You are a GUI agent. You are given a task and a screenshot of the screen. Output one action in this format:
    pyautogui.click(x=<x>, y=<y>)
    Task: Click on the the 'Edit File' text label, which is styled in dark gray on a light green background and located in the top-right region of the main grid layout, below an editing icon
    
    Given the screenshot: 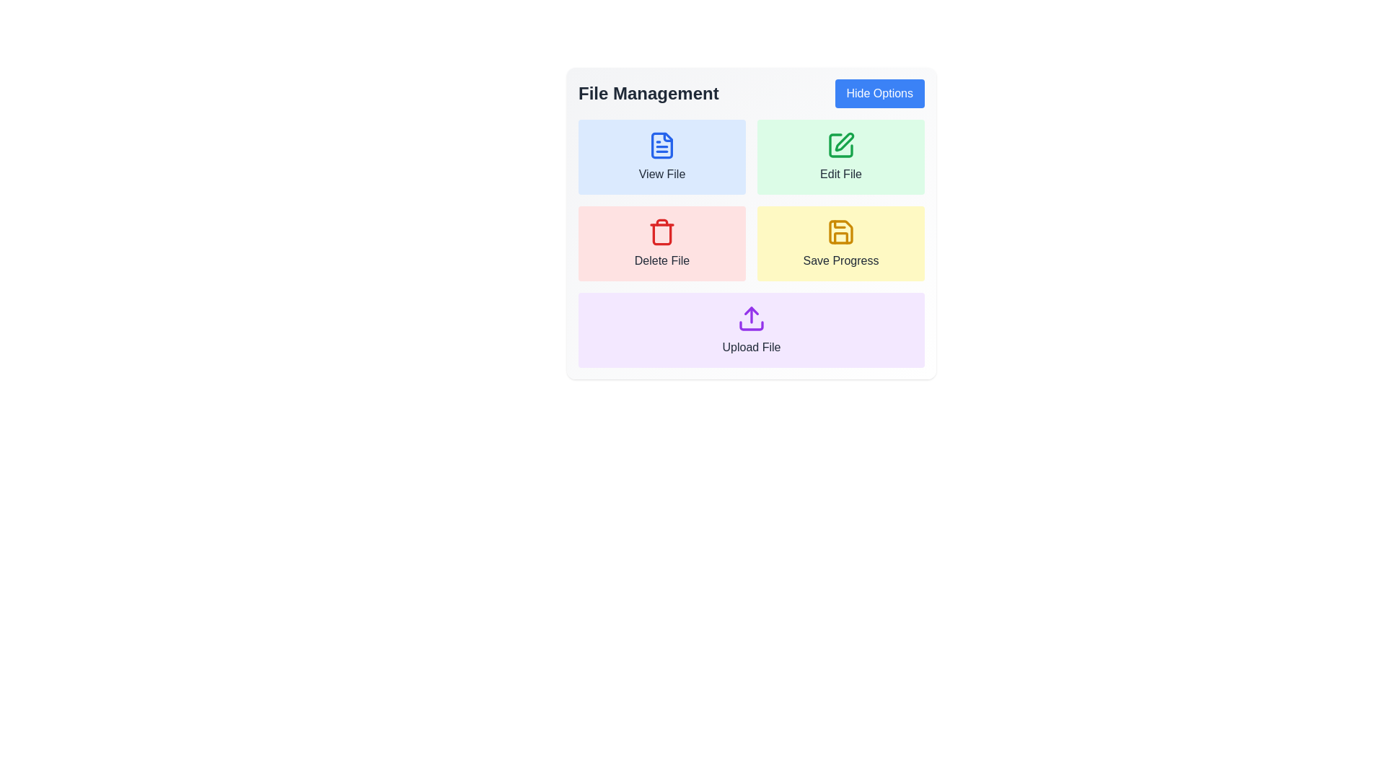 What is the action you would take?
    pyautogui.click(x=841, y=174)
    